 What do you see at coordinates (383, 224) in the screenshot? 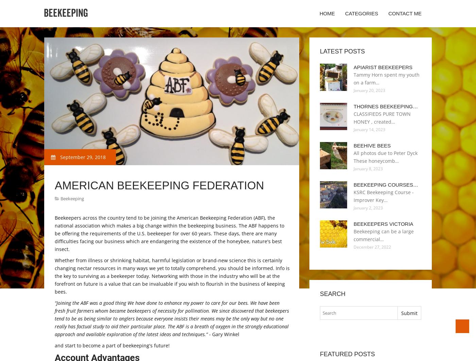
I see `'Beekeepers Victoria'` at bounding box center [383, 224].